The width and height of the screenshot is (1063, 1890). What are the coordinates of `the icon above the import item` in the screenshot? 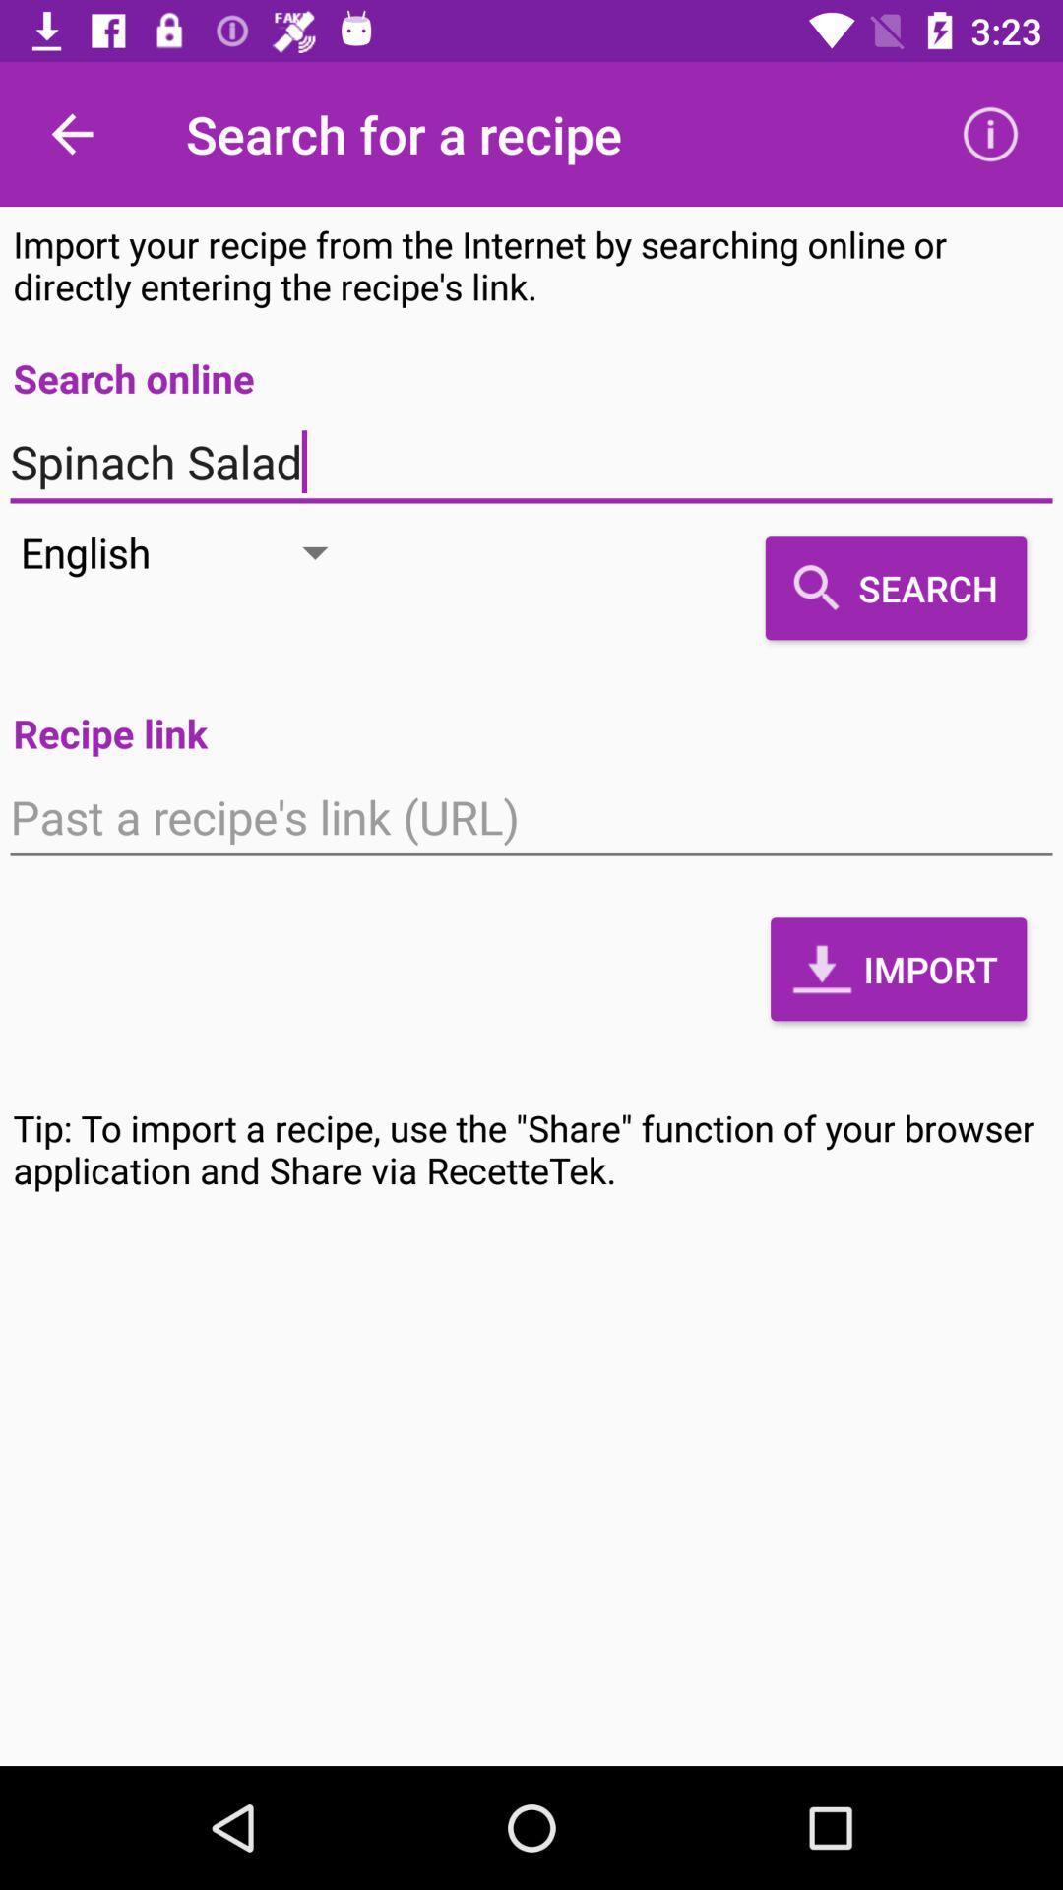 It's located at (531, 817).